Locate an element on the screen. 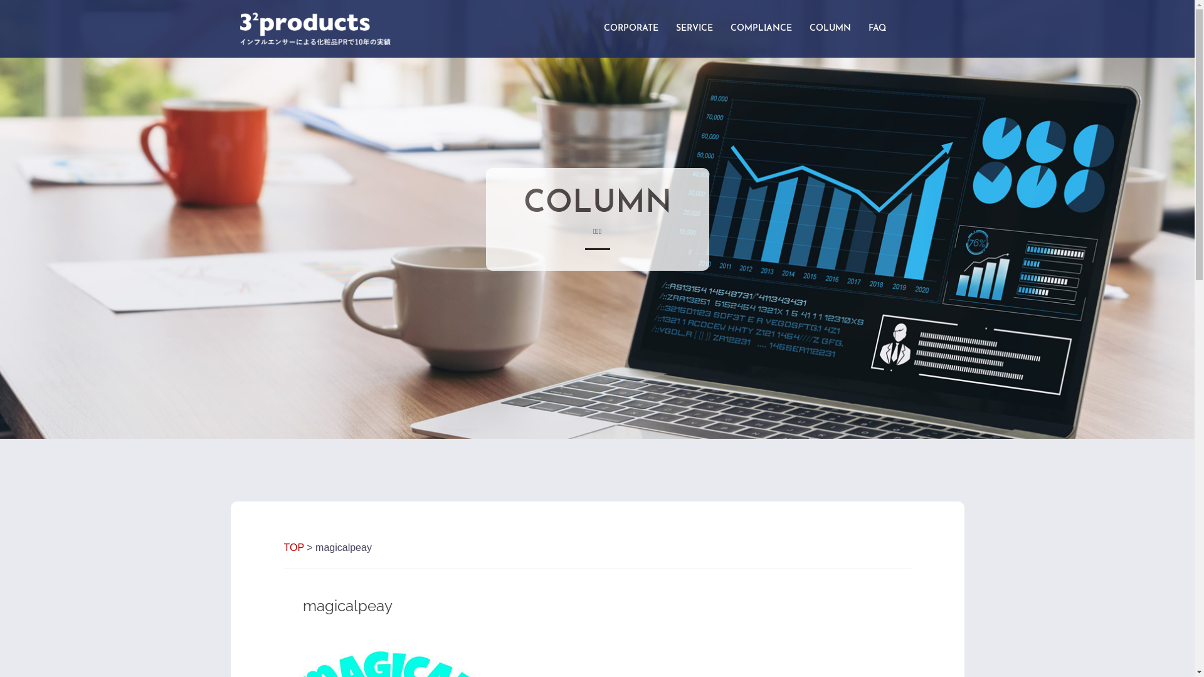  'FAQ' is located at coordinates (875, 28).